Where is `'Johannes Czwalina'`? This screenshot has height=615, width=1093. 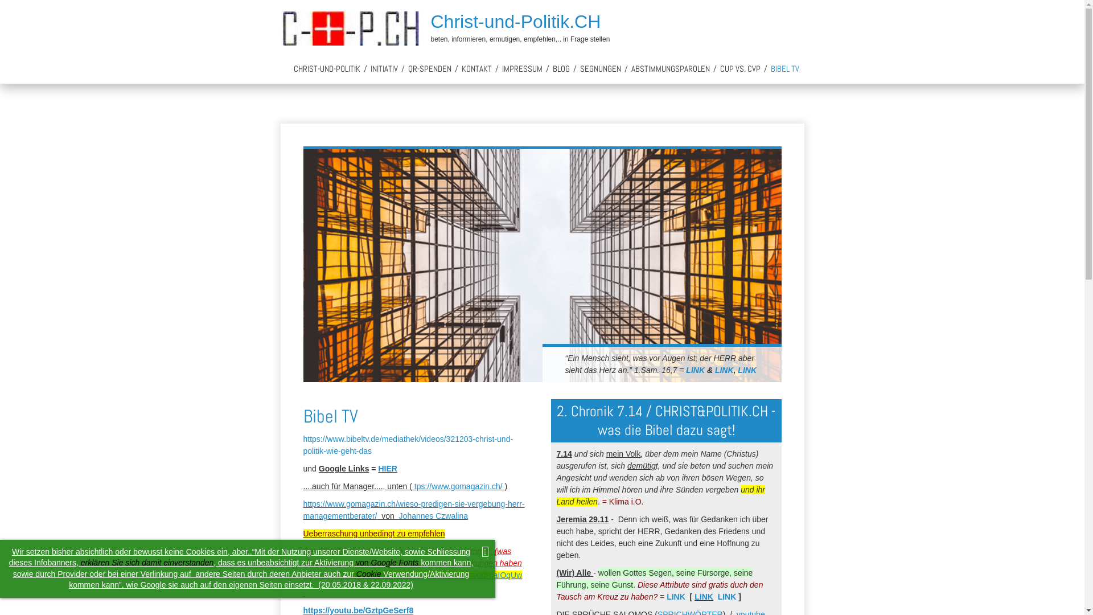 'Johannes Czwalina' is located at coordinates (433, 516).